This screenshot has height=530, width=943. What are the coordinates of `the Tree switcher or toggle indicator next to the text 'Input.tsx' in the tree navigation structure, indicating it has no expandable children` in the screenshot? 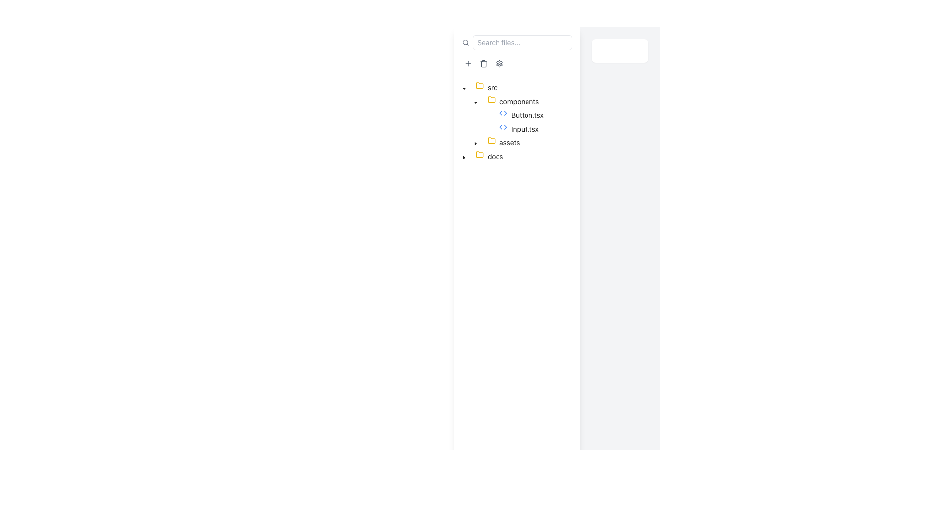 It's located at (488, 128).